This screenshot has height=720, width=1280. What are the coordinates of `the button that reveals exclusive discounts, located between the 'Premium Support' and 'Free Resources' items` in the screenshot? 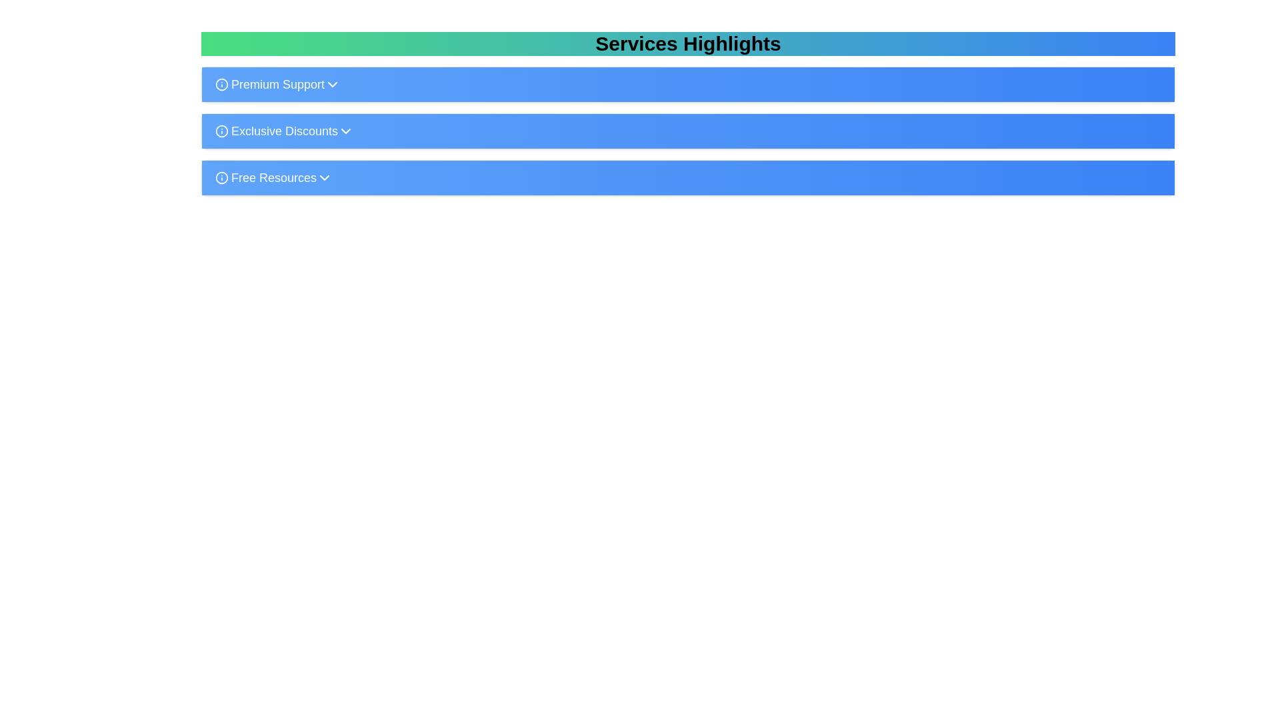 It's located at (688, 131).